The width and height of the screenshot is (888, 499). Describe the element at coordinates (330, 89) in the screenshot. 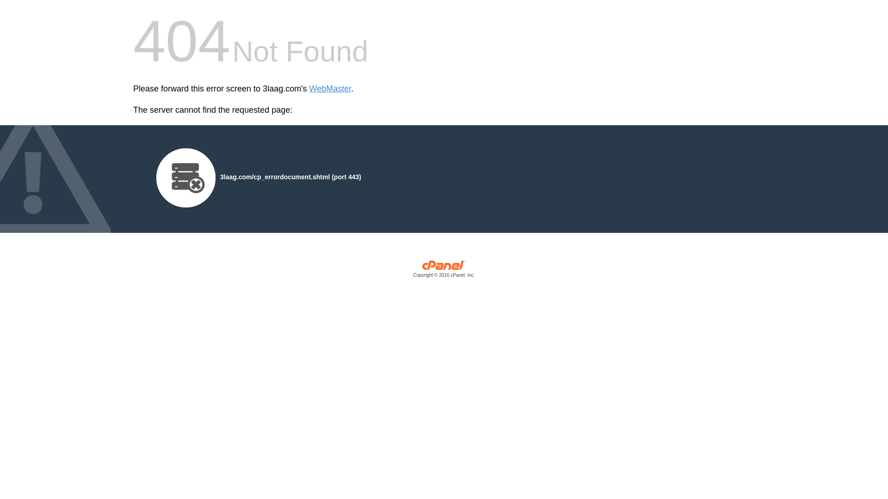

I see `'WebMaster'` at that location.